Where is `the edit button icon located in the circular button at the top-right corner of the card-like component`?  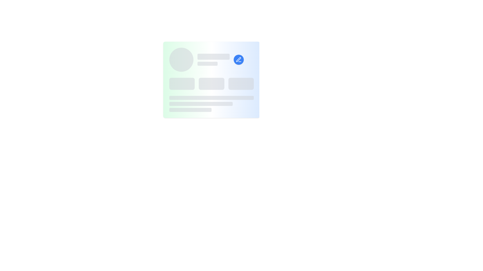 the edit button icon located in the circular button at the top-right corner of the card-like component is located at coordinates (238, 59).